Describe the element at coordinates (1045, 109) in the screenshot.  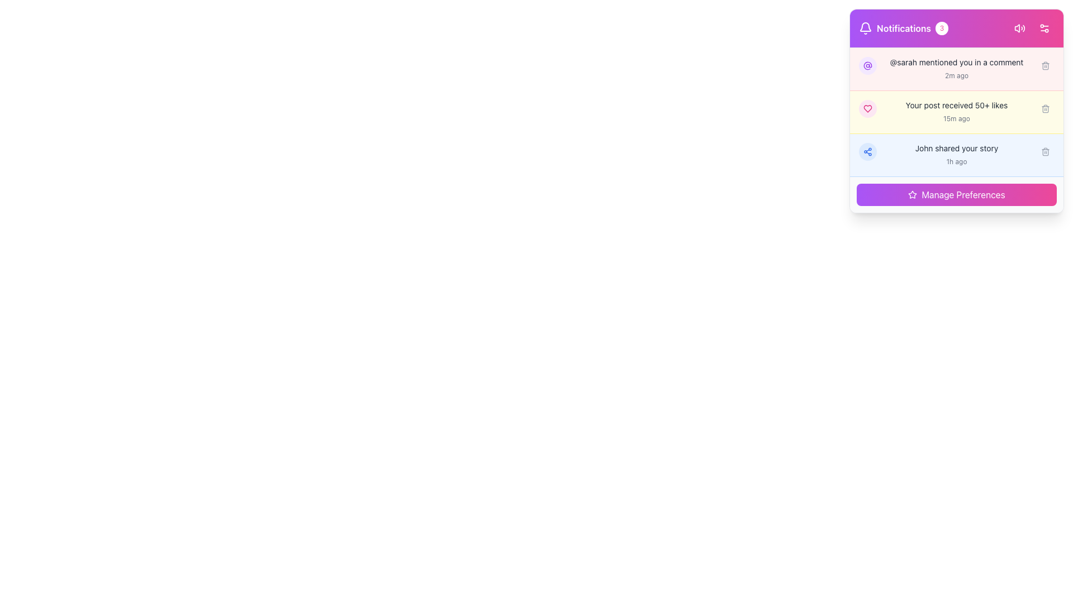
I see `the gray trash can icon button located at the far right of the notification entry for 'Your post received 50+ likes'` at that location.